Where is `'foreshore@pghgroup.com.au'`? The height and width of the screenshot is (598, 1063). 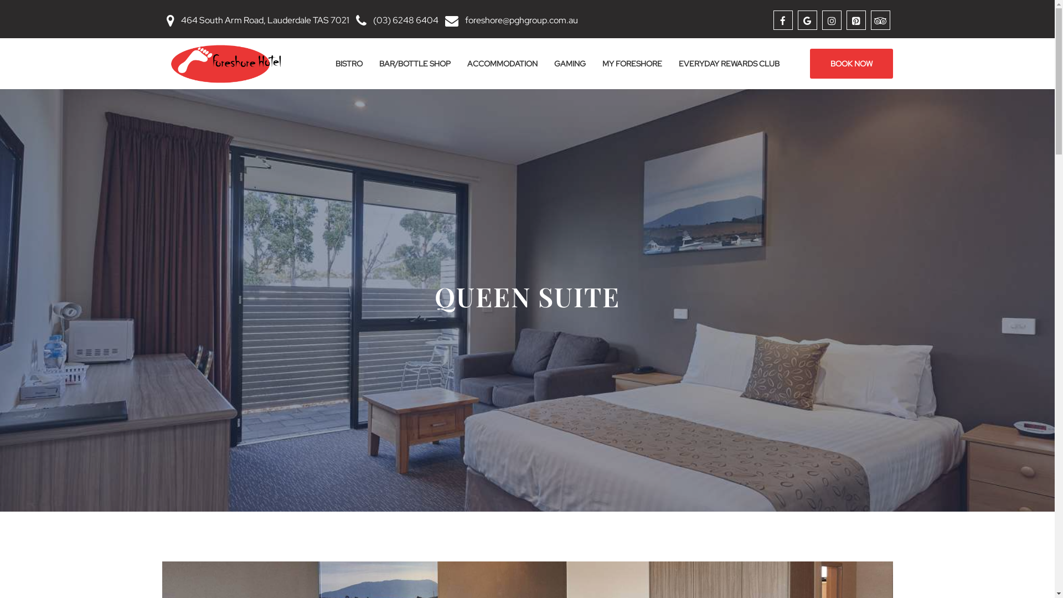
'foreshore@pghgroup.com.au' is located at coordinates (520, 20).